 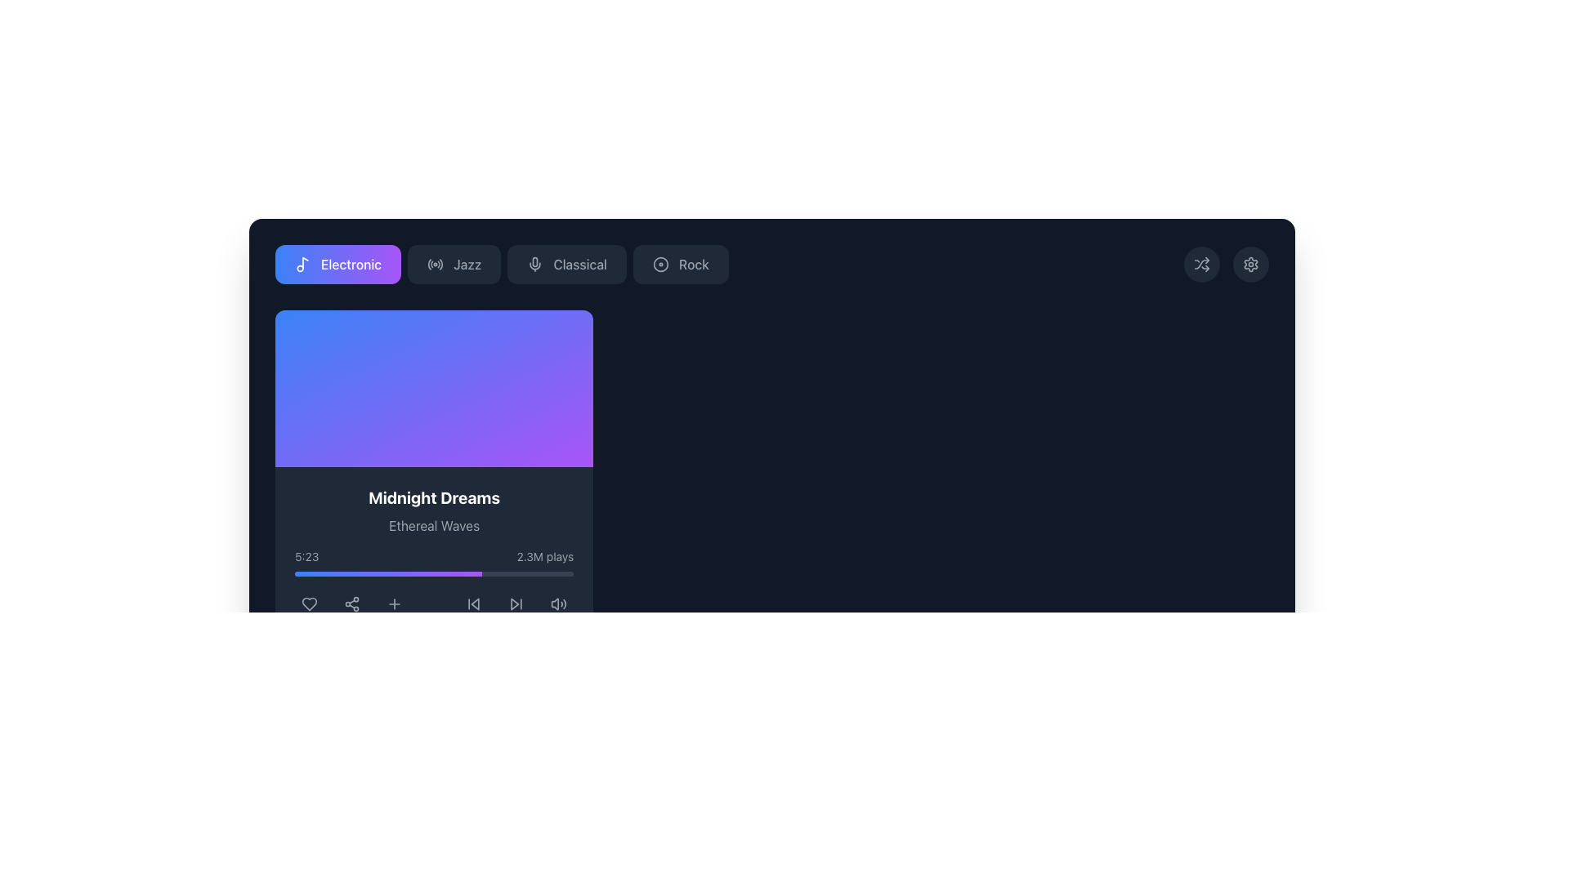 What do you see at coordinates (306, 556) in the screenshot?
I see `to select or highlight the time displayed as '5:23' in a light gray font on the left side of the card-like section representing a music track` at bounding box center [306, 556].